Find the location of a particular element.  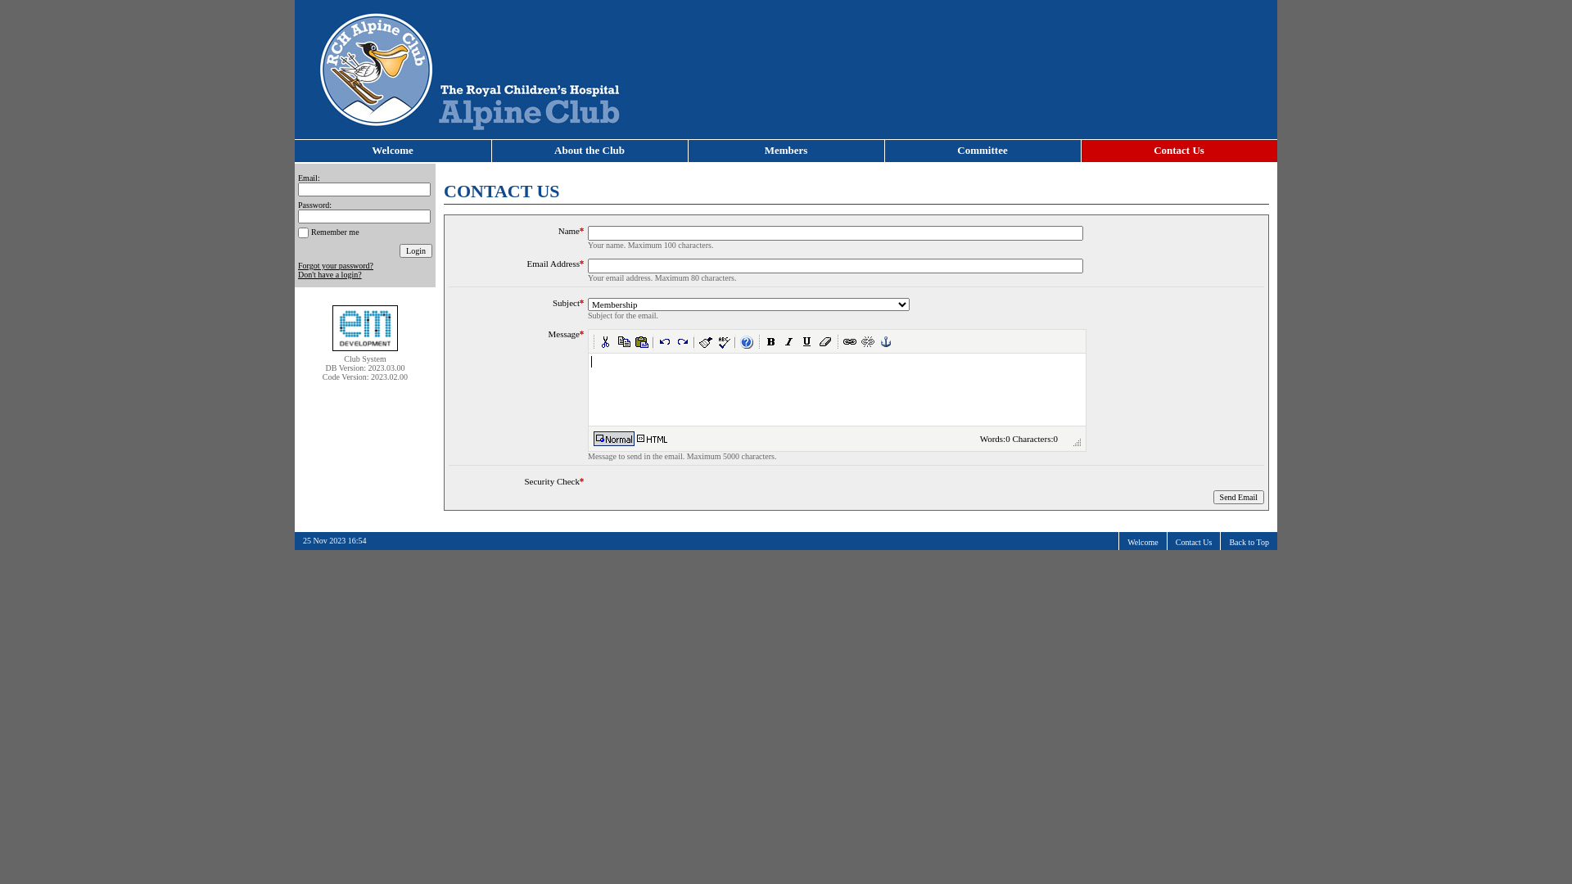

'separator' is located at coordinates (694, 341).